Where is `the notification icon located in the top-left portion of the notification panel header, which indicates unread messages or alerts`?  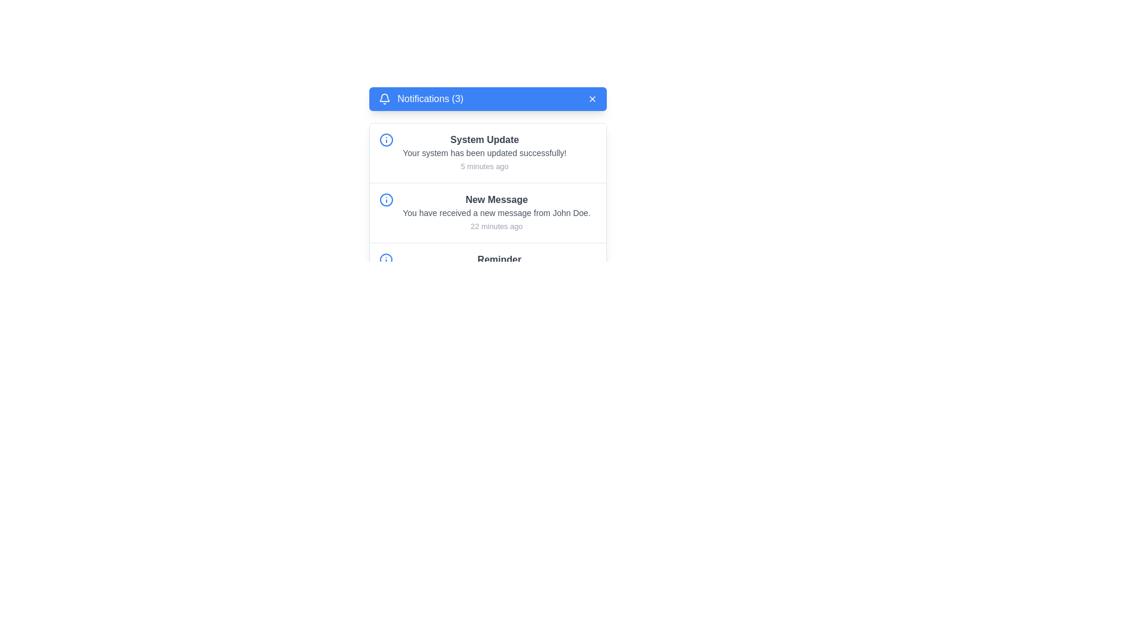 the notification icon located in the top-left portion of the notification panel header, which indicates unread messages or alerts is located at coordinates (384, 98).